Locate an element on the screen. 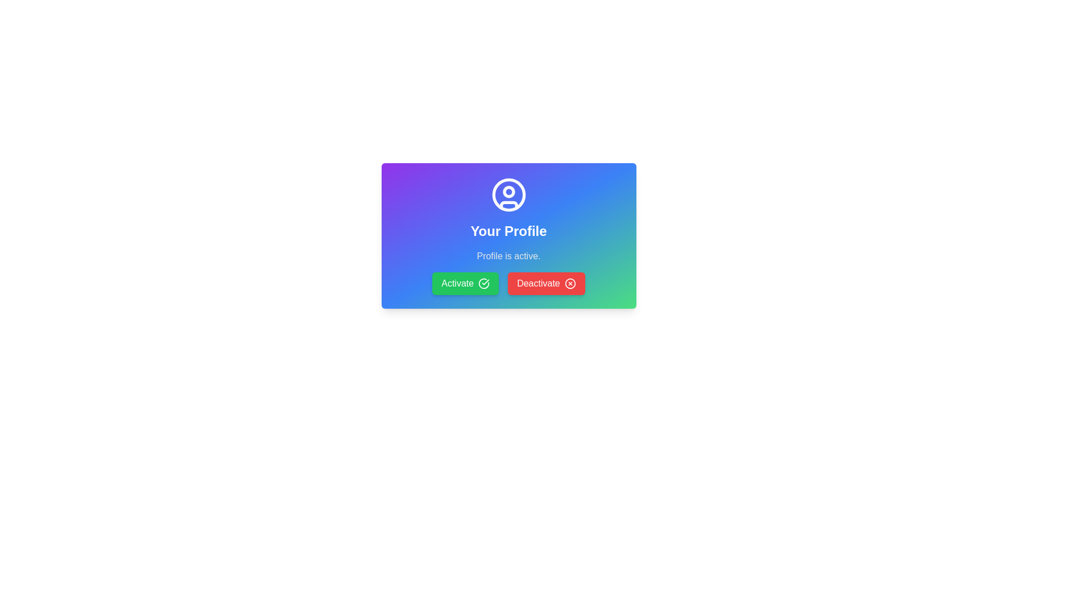 The image size is (1092, 614). the left button of the profile status toggle is located at coordinates (508, 283).